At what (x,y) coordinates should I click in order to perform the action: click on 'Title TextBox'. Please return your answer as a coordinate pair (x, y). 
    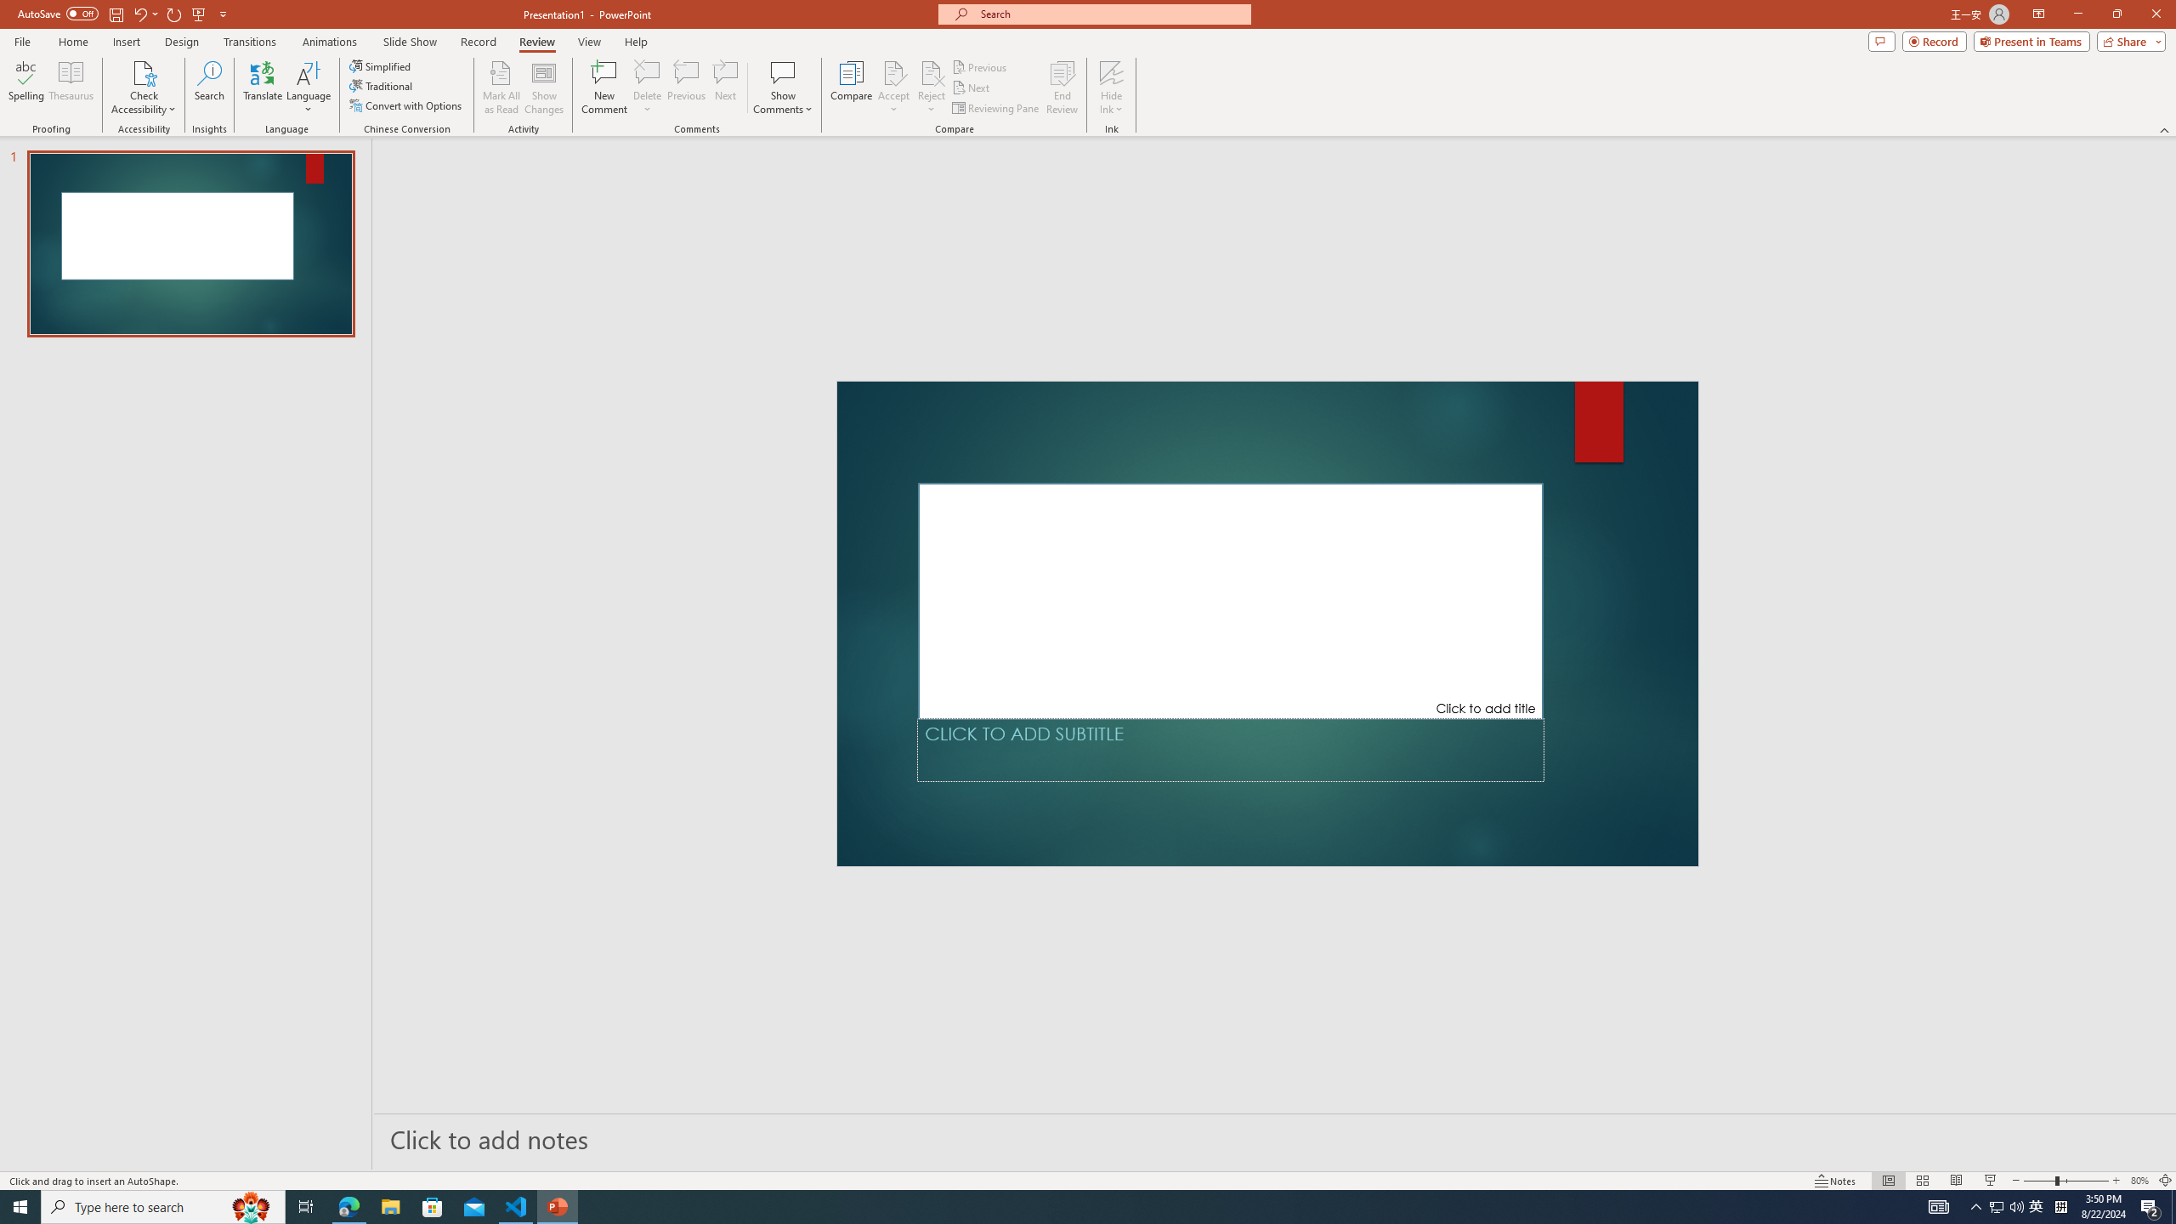
    Looking at the image, I should click on (1230, 600).